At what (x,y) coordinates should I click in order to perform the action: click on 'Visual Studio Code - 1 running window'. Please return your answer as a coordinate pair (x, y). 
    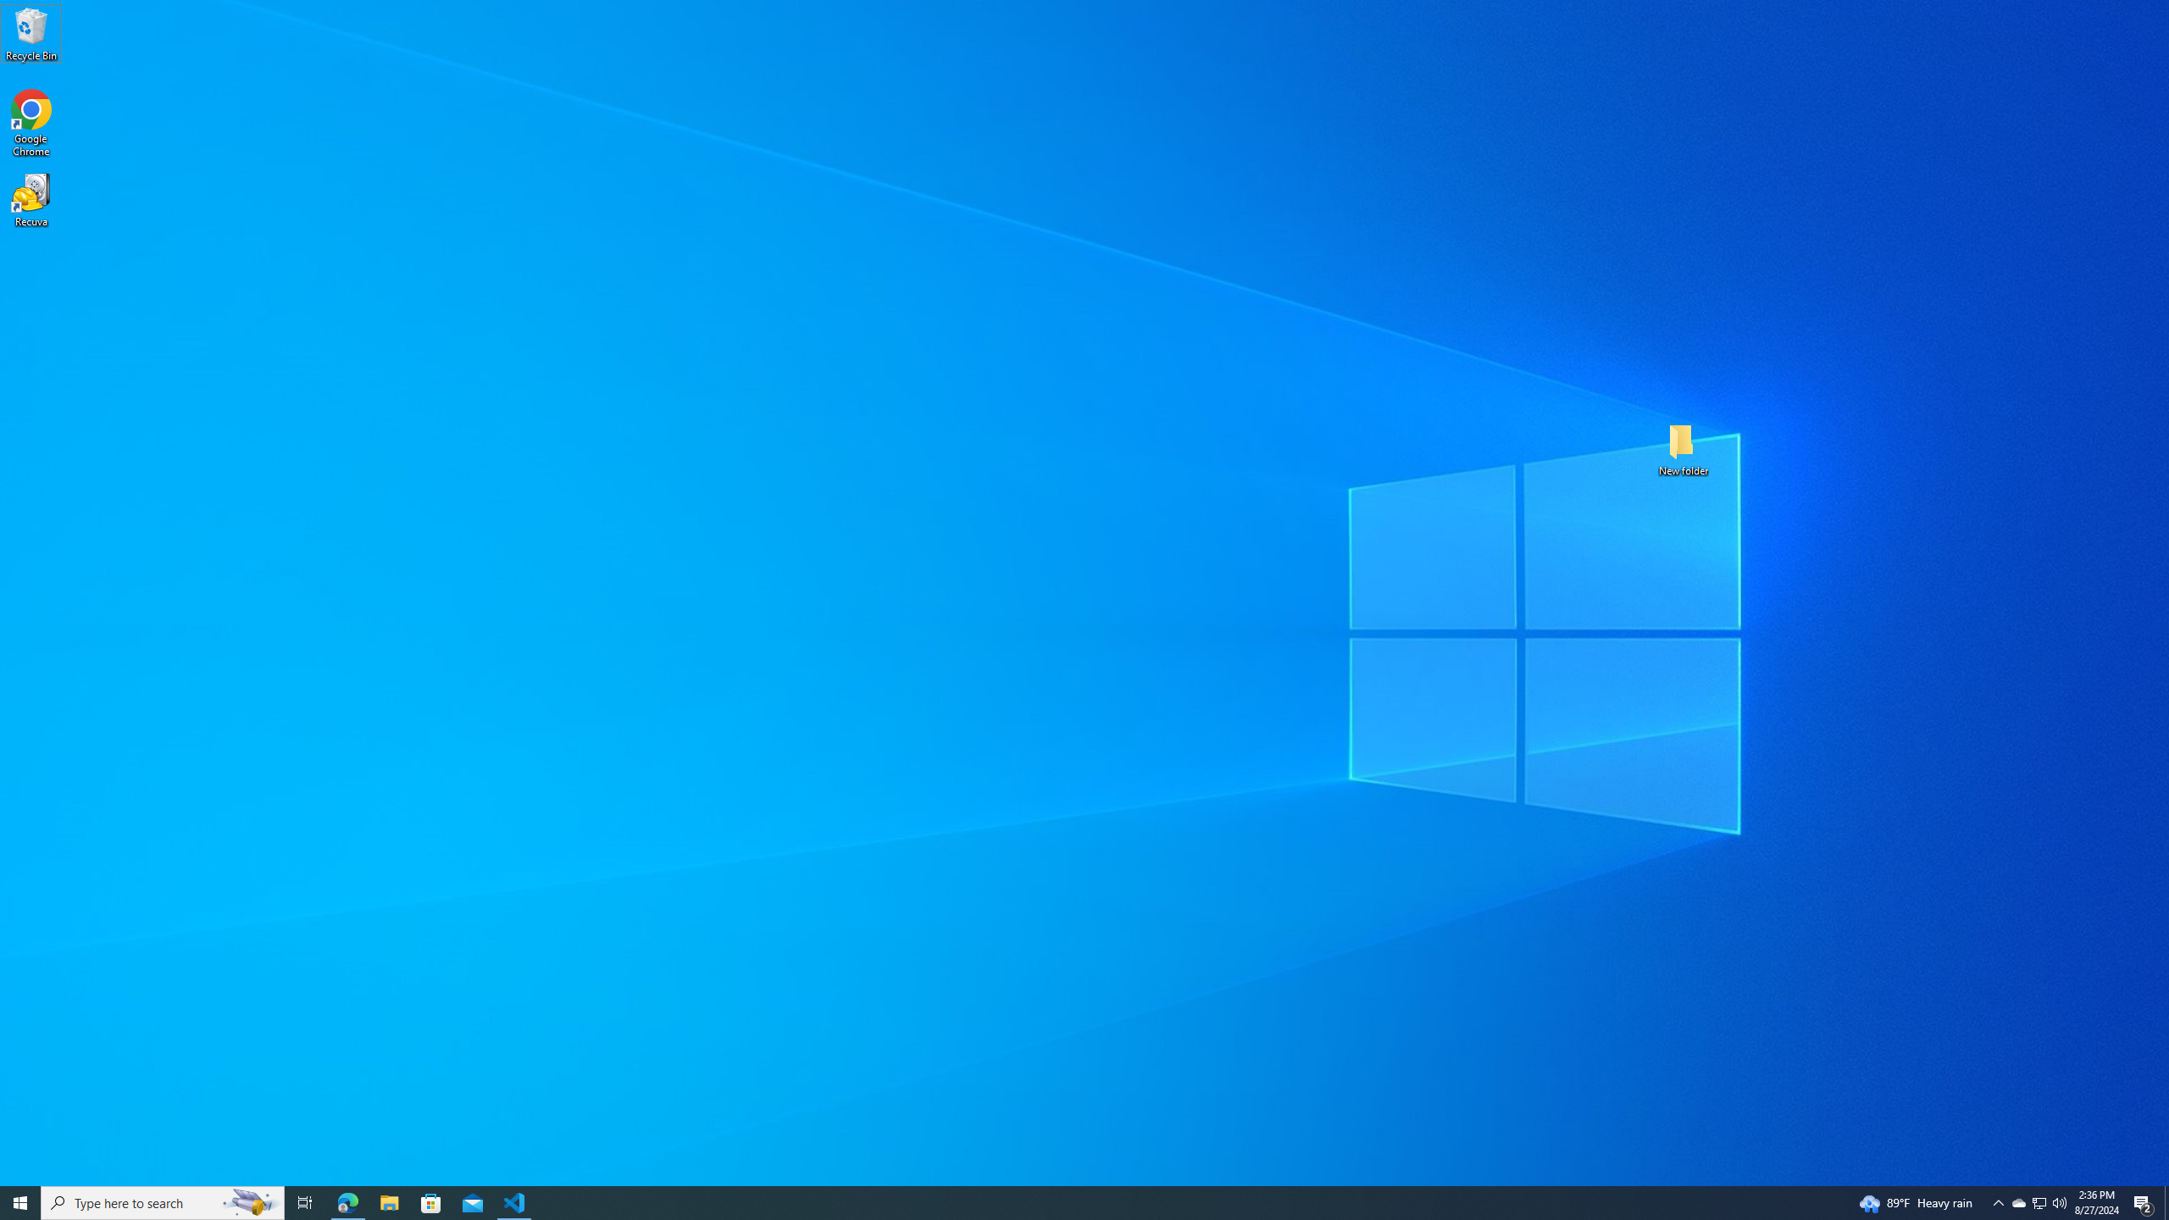
    Looking at the image, I should click on (514, 1201).